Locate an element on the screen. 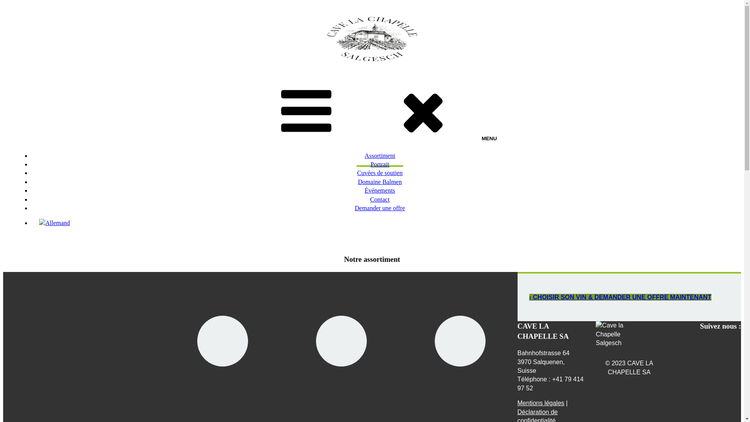 The height and width of the screenshot is (422, 750). 'Cave la Chapelle Salgesch' is located at coordinates (618, 334).